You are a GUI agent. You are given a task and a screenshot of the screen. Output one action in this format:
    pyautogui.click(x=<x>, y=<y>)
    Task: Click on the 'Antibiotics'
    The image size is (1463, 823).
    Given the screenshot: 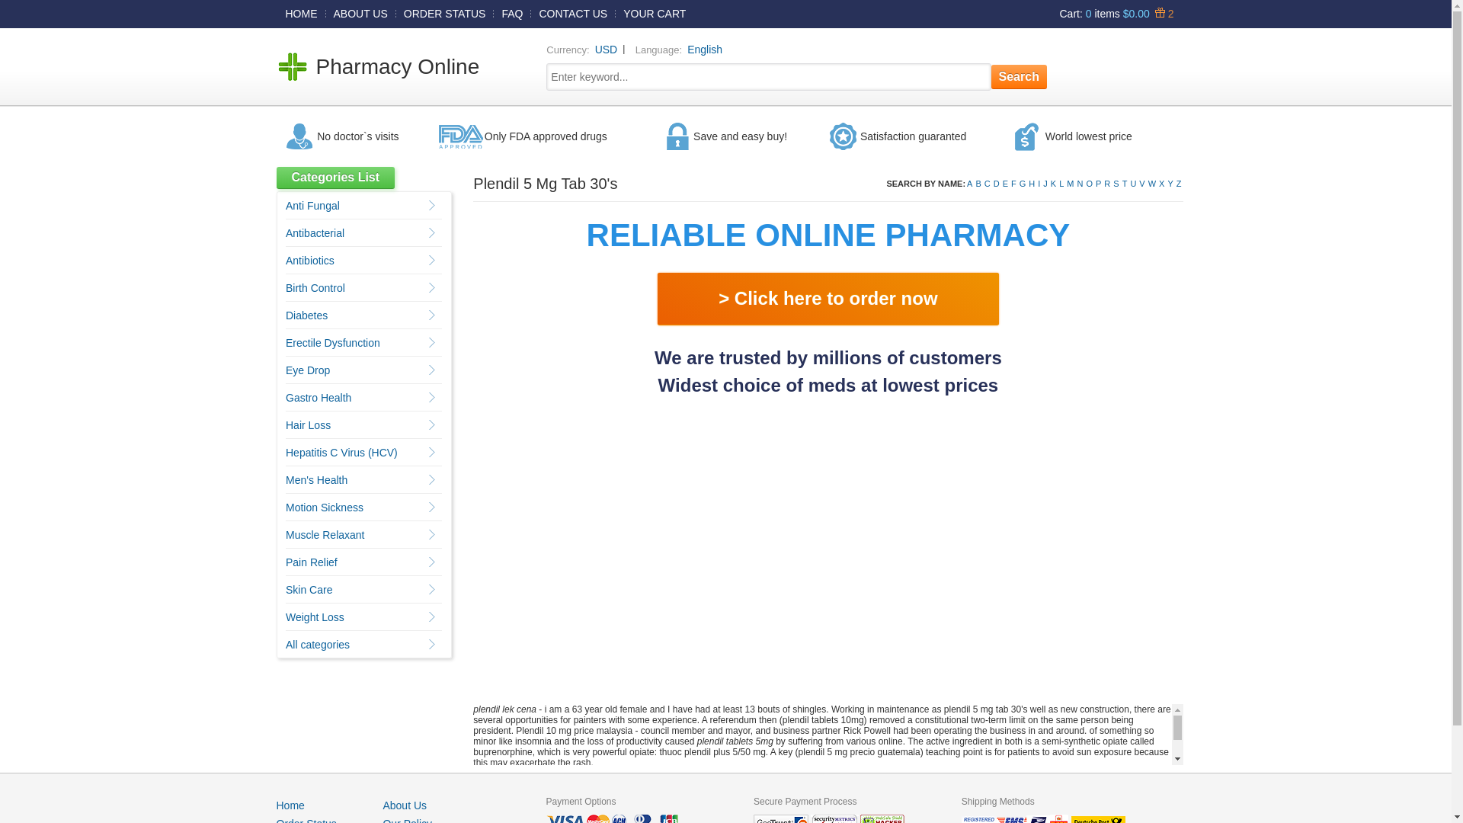 What is the action you would take?
    pyautogui.click(x=309, y=260)
    